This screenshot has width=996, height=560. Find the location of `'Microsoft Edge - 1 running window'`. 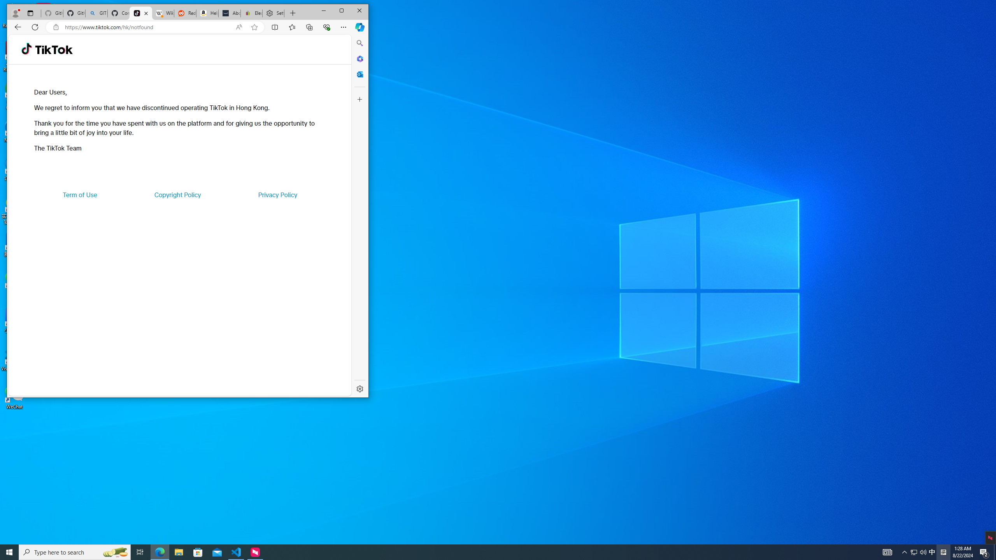

'Microsoft Edge - 1 running window' is located at coordinates (159, 551).